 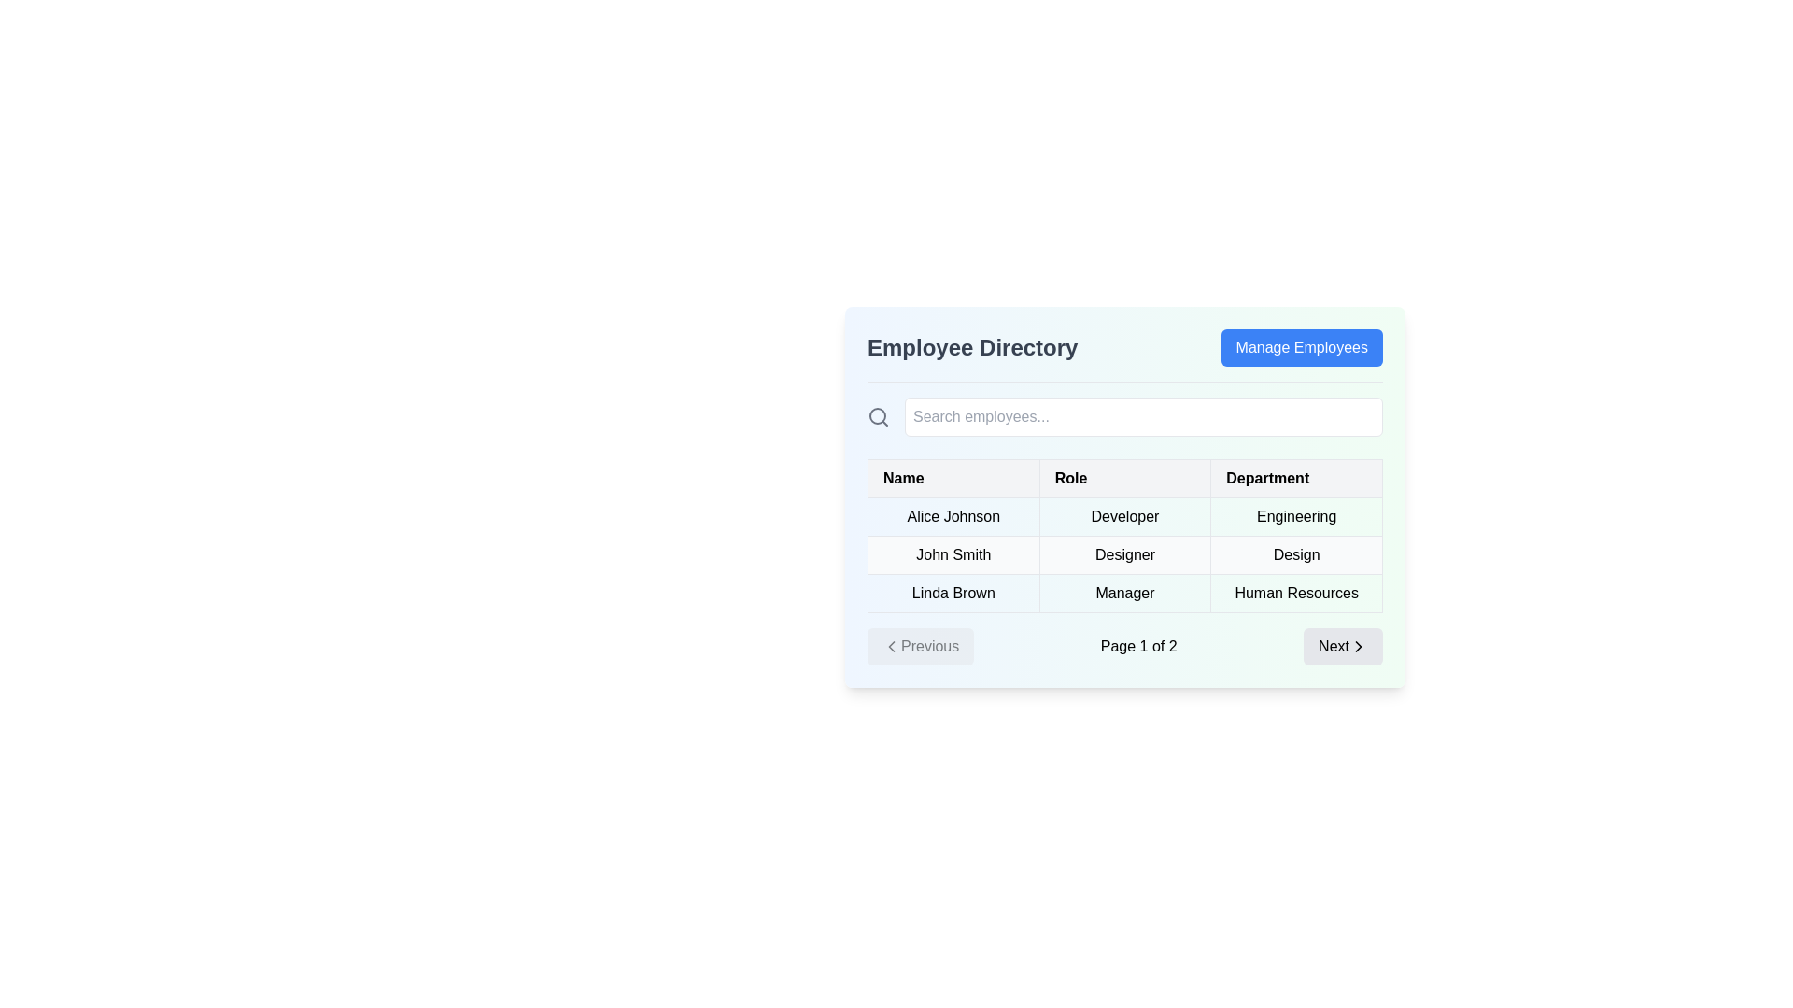 I want to click on the button located at the top-right corner of the 'Employee Directory' section, so click(x=1301, y=348).